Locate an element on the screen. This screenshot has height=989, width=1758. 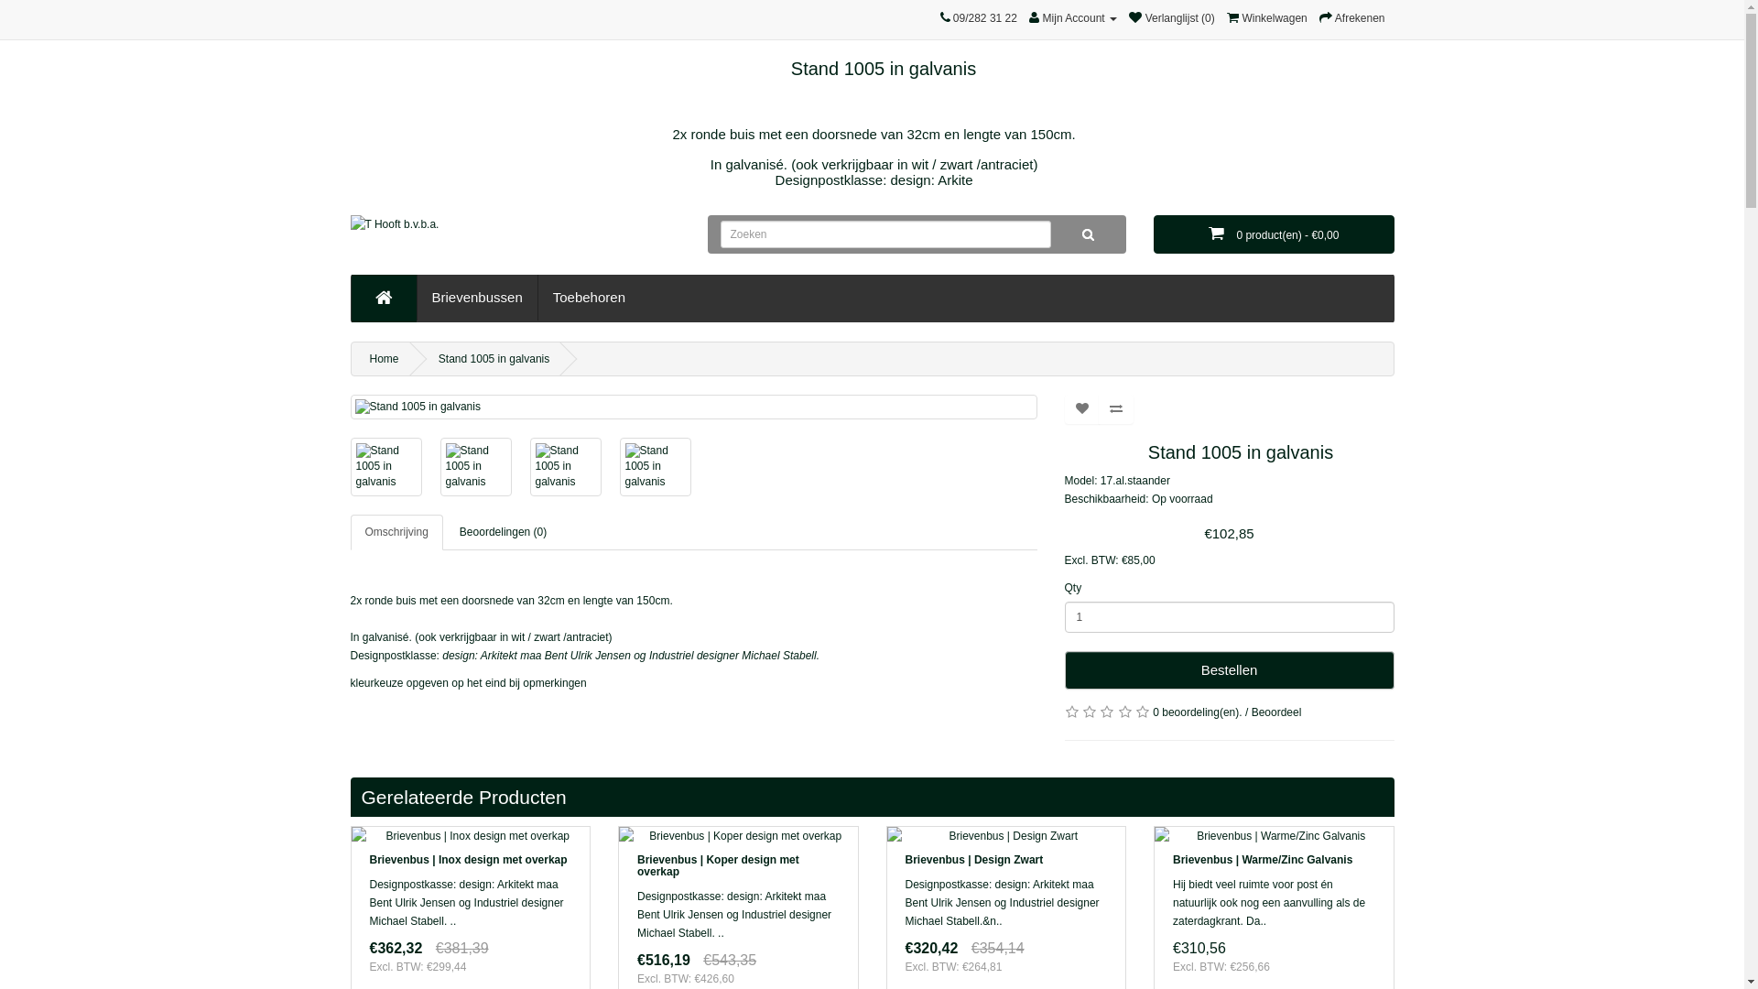
'Brievenbus | Inox design met overkap' is located at coordinates (471, 836).